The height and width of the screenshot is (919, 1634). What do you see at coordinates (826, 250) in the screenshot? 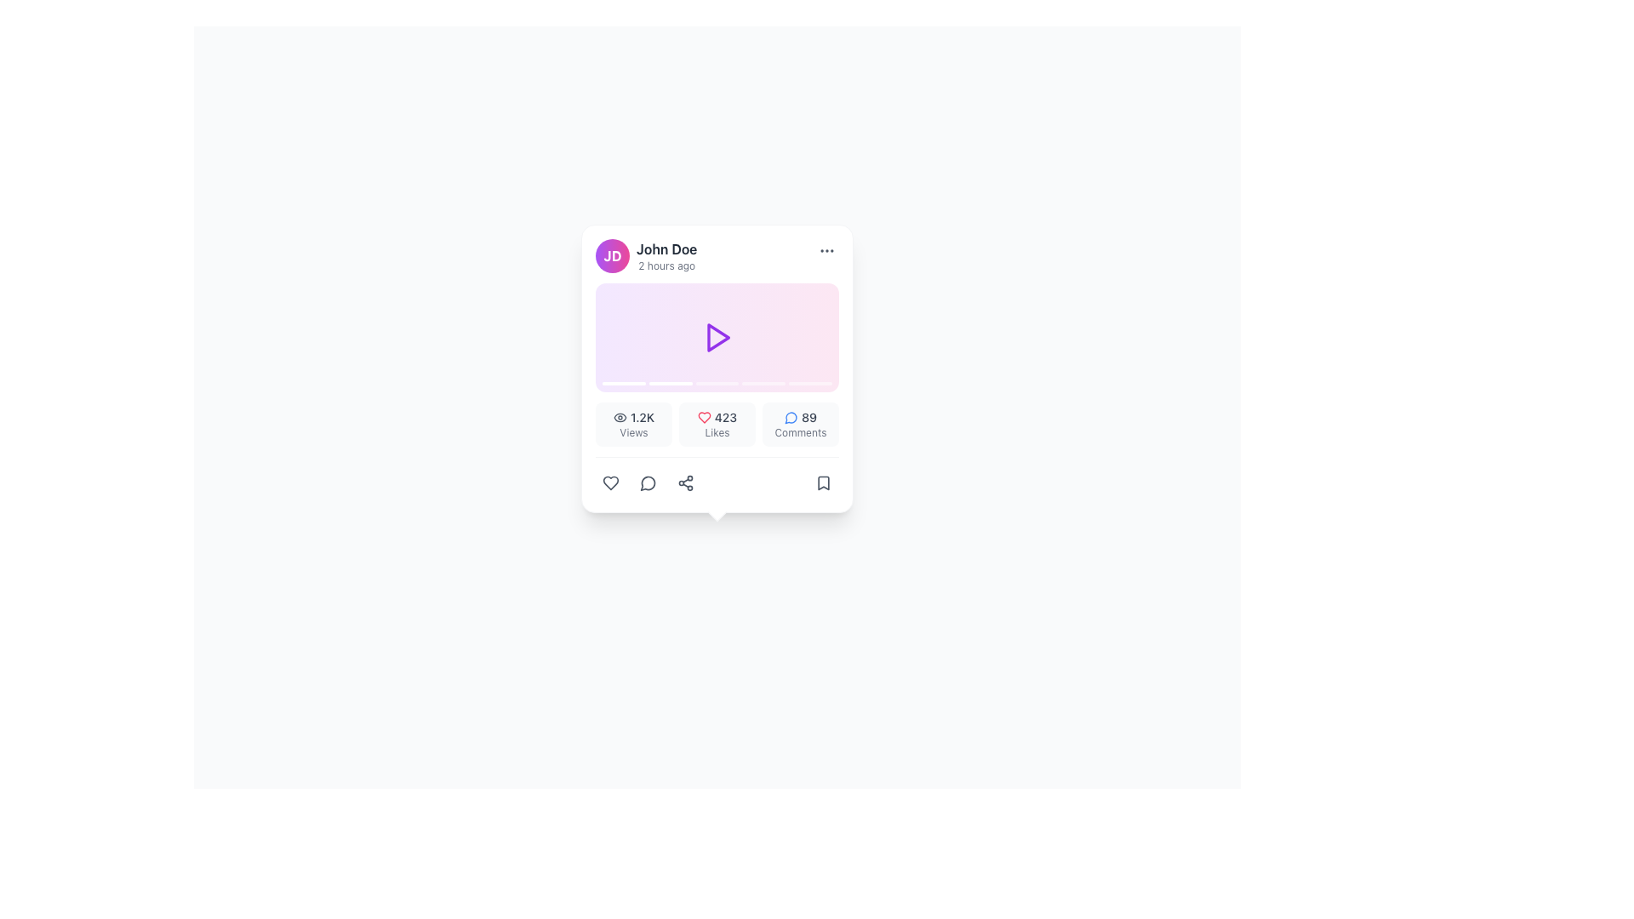
I see `the ellipsis menu icon, which consists of three horizontally aligned dark gray dots` at bounding box center [826, 250].